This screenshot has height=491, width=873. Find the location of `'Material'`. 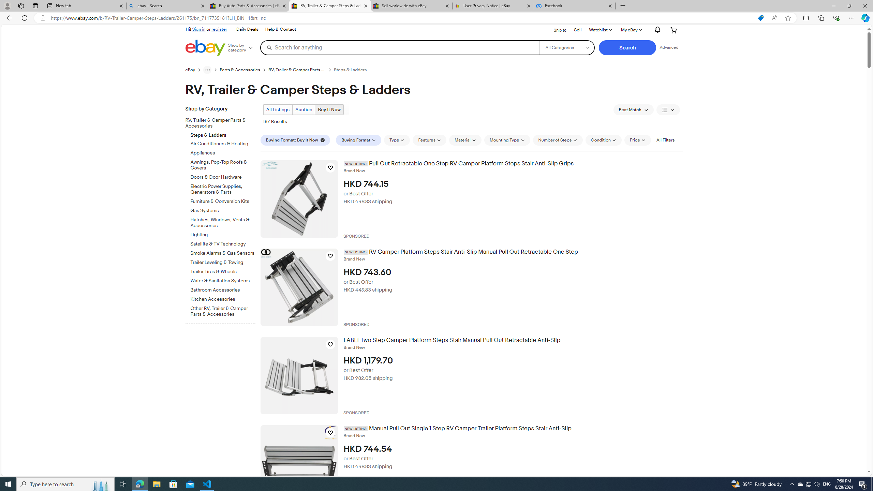

'Material' is located at coordinates (465, 140).